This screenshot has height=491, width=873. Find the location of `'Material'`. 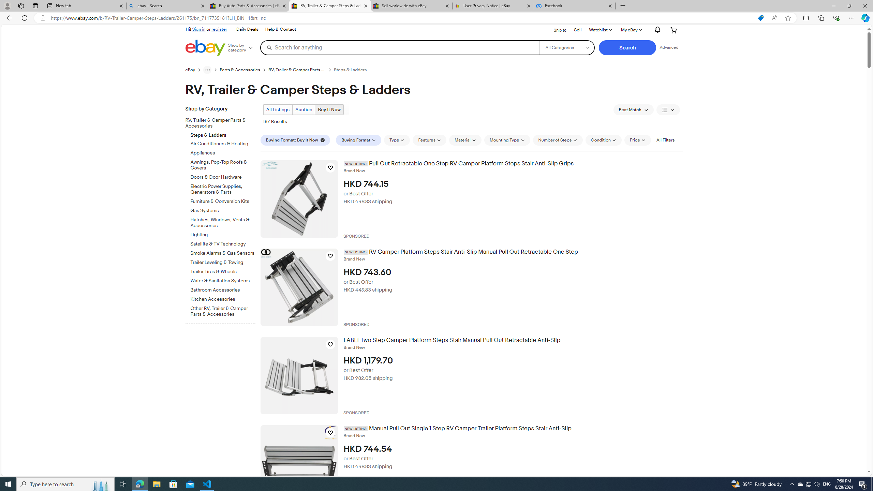

'Material' is located at coordinates (465, 140).